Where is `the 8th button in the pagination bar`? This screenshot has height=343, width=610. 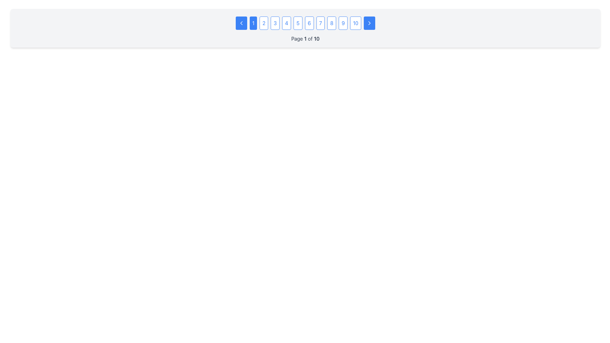
the 8th button in the pagination bar is located at coordinates (331, 23).